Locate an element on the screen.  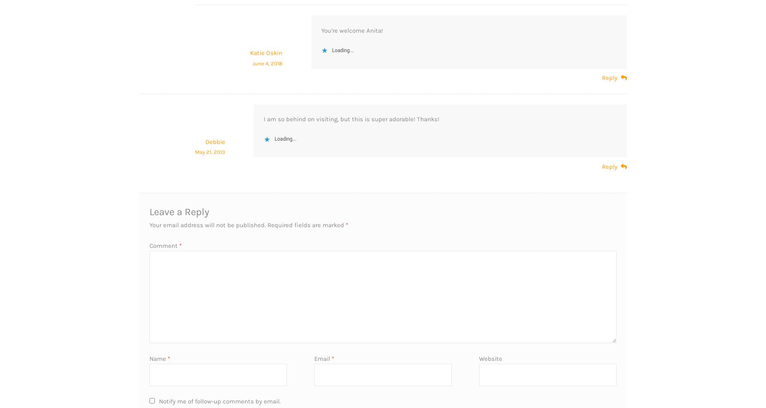
'Katie Oskin' is located at coordinates (266, 53).